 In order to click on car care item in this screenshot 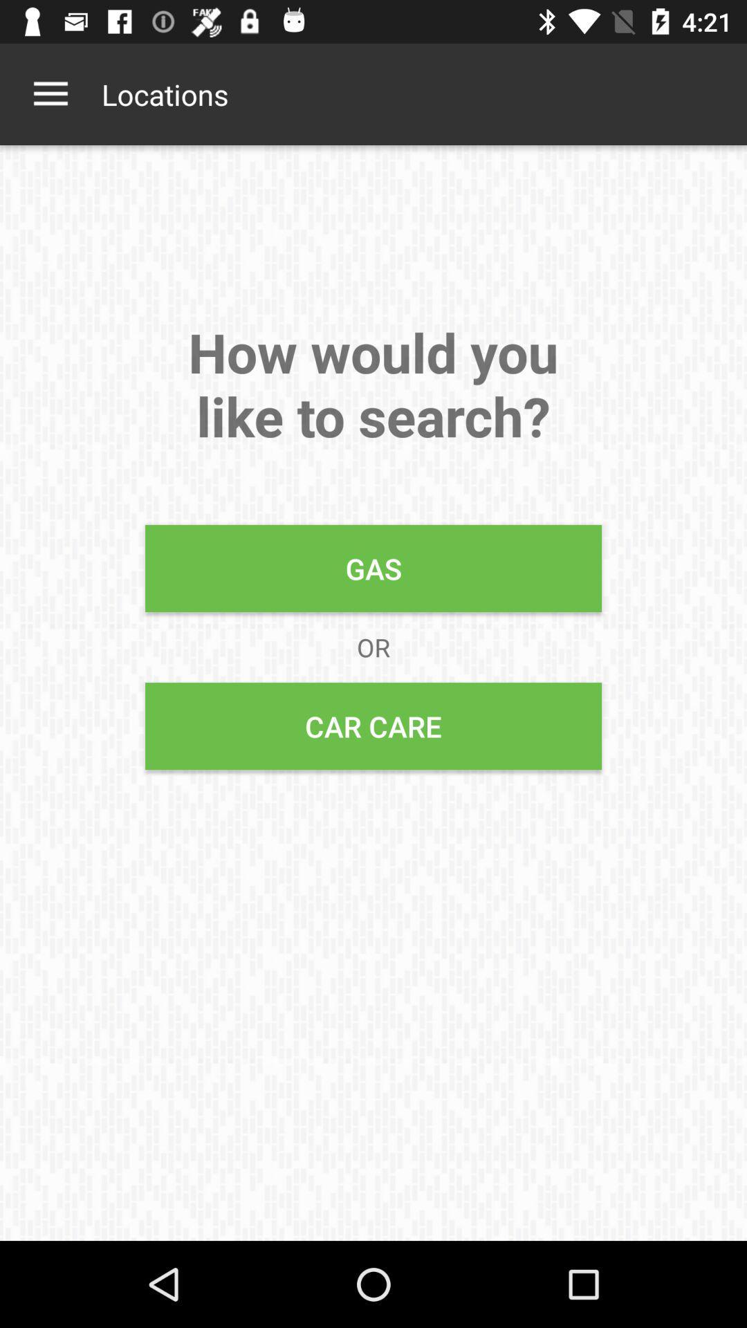, I will do `click(373, 726)`.